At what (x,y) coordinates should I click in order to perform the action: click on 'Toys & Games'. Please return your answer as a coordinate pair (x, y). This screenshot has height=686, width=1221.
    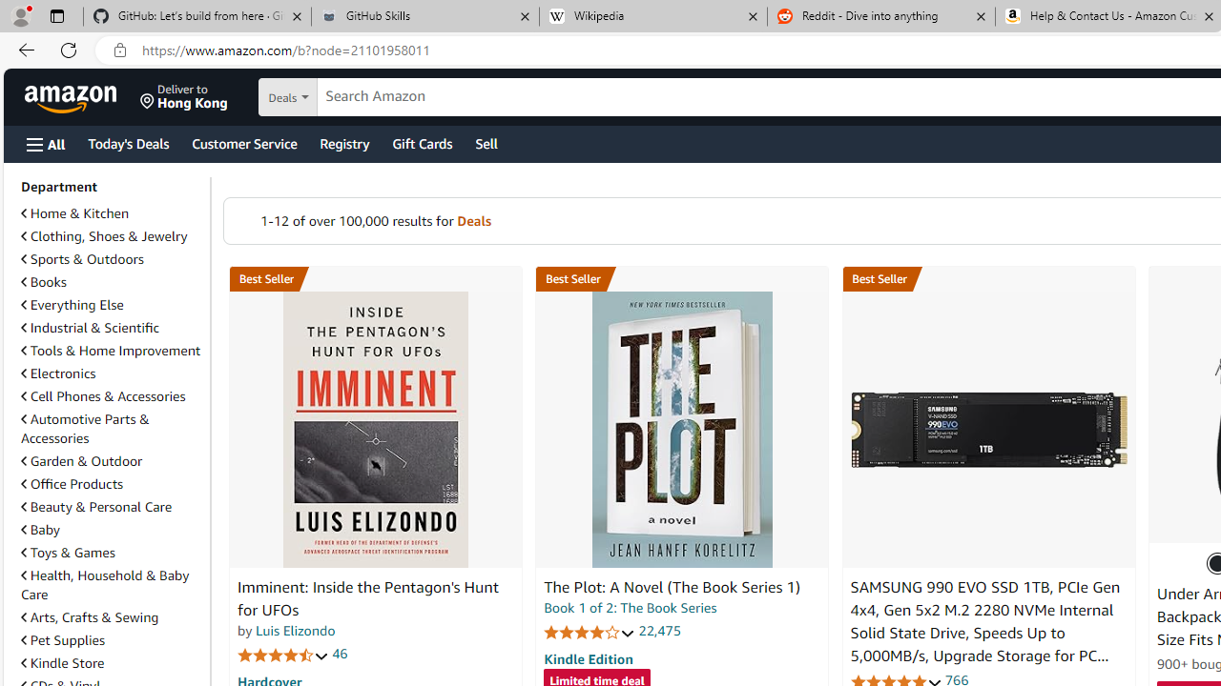
    Looking at the image, I should click on (68, 552).